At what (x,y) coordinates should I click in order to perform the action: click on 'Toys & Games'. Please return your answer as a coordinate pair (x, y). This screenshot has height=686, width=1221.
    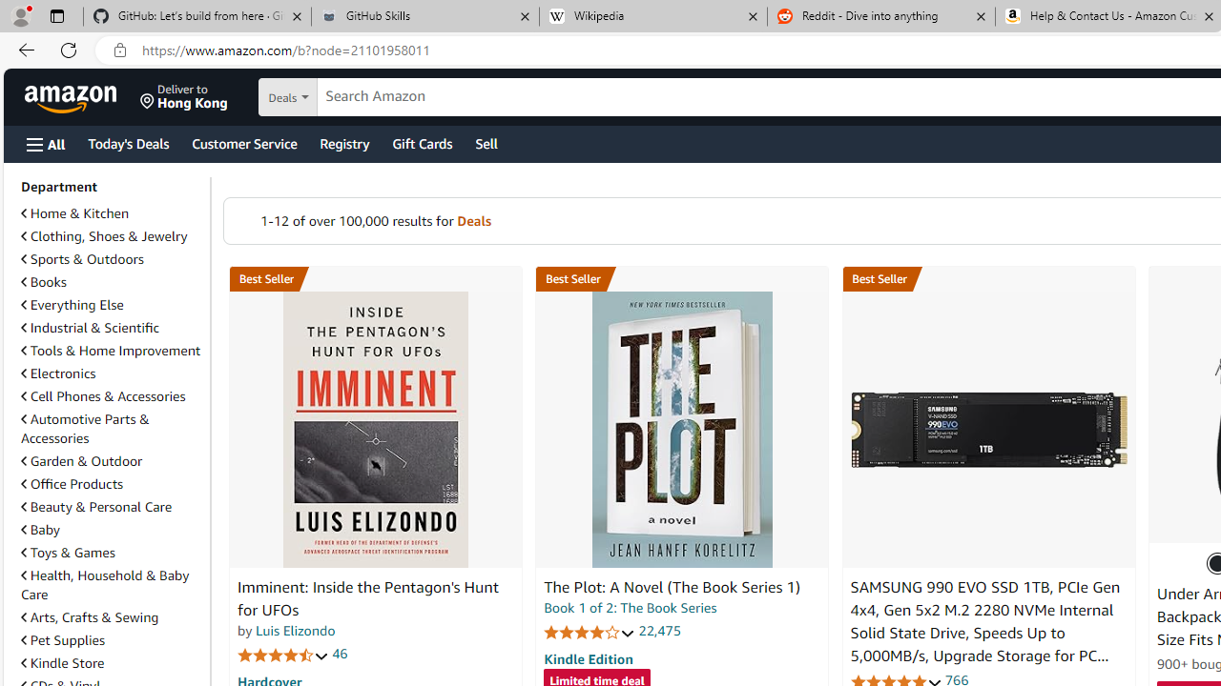
    Looking at the image, I should click on (68, 552).